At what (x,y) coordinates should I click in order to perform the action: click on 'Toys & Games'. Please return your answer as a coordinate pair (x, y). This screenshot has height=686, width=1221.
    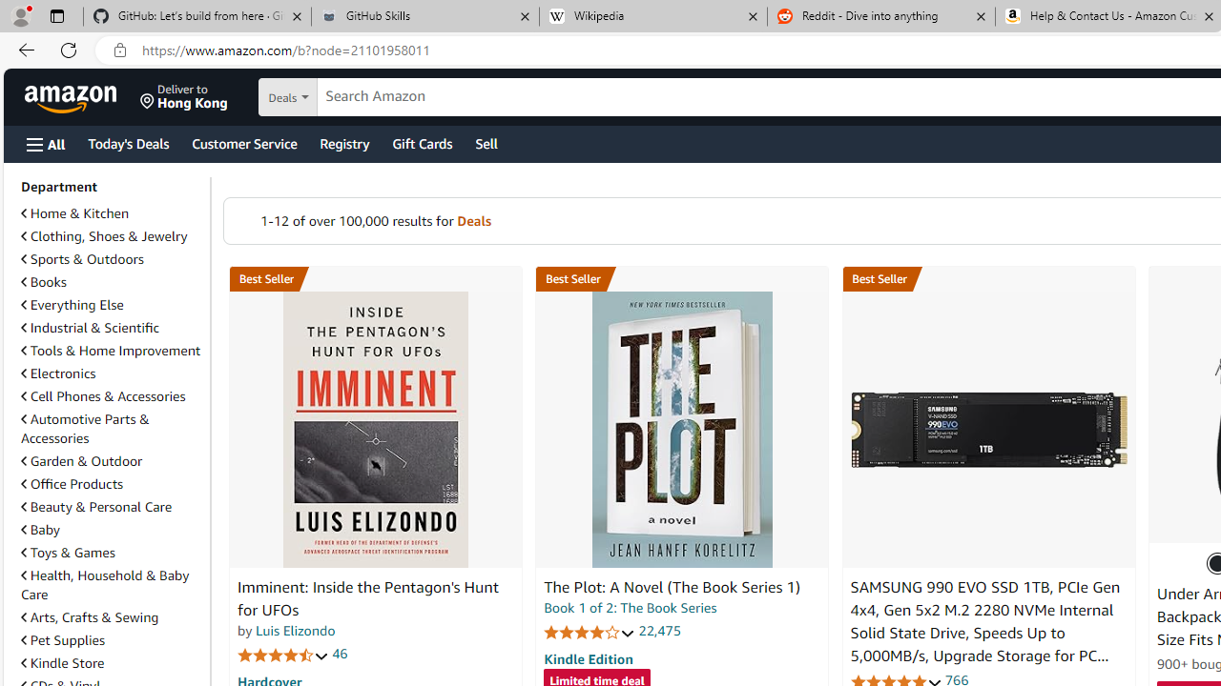
    Looking at the image, I should click on (68, 552).